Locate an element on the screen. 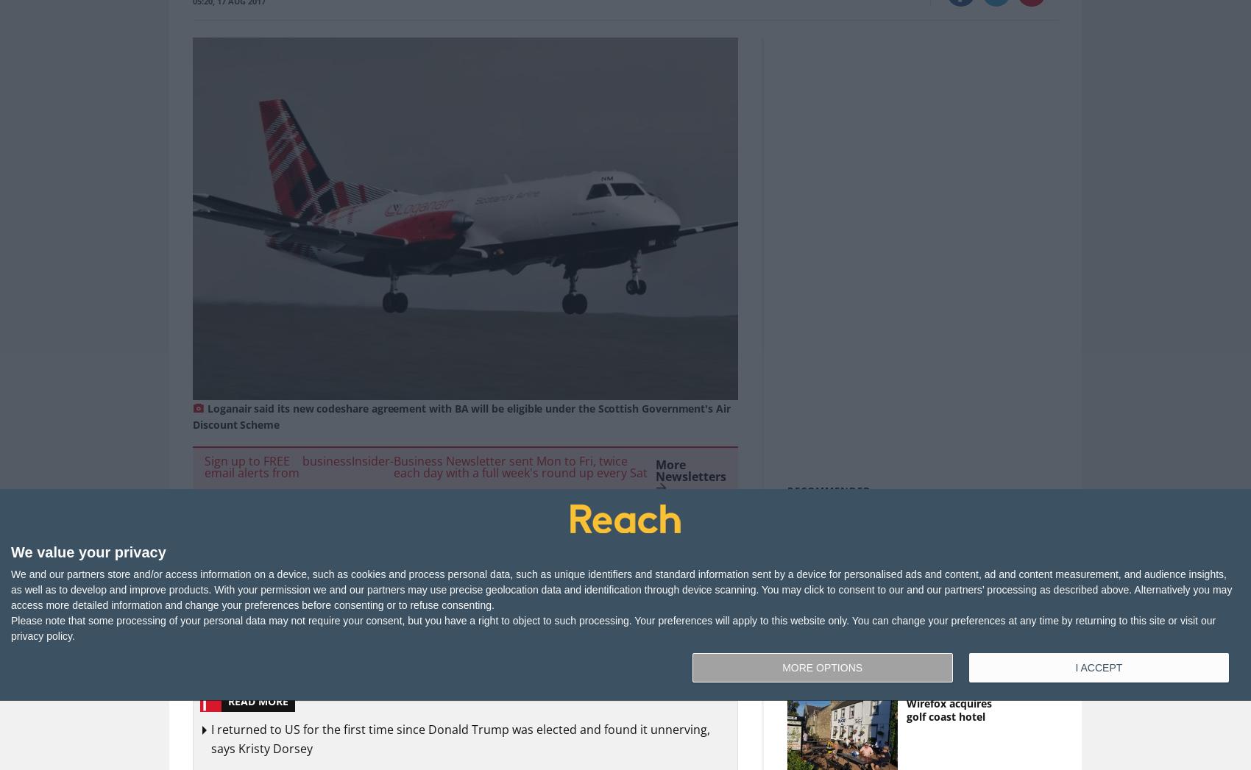  'businessInsider' is located at coordinates (345, 460).